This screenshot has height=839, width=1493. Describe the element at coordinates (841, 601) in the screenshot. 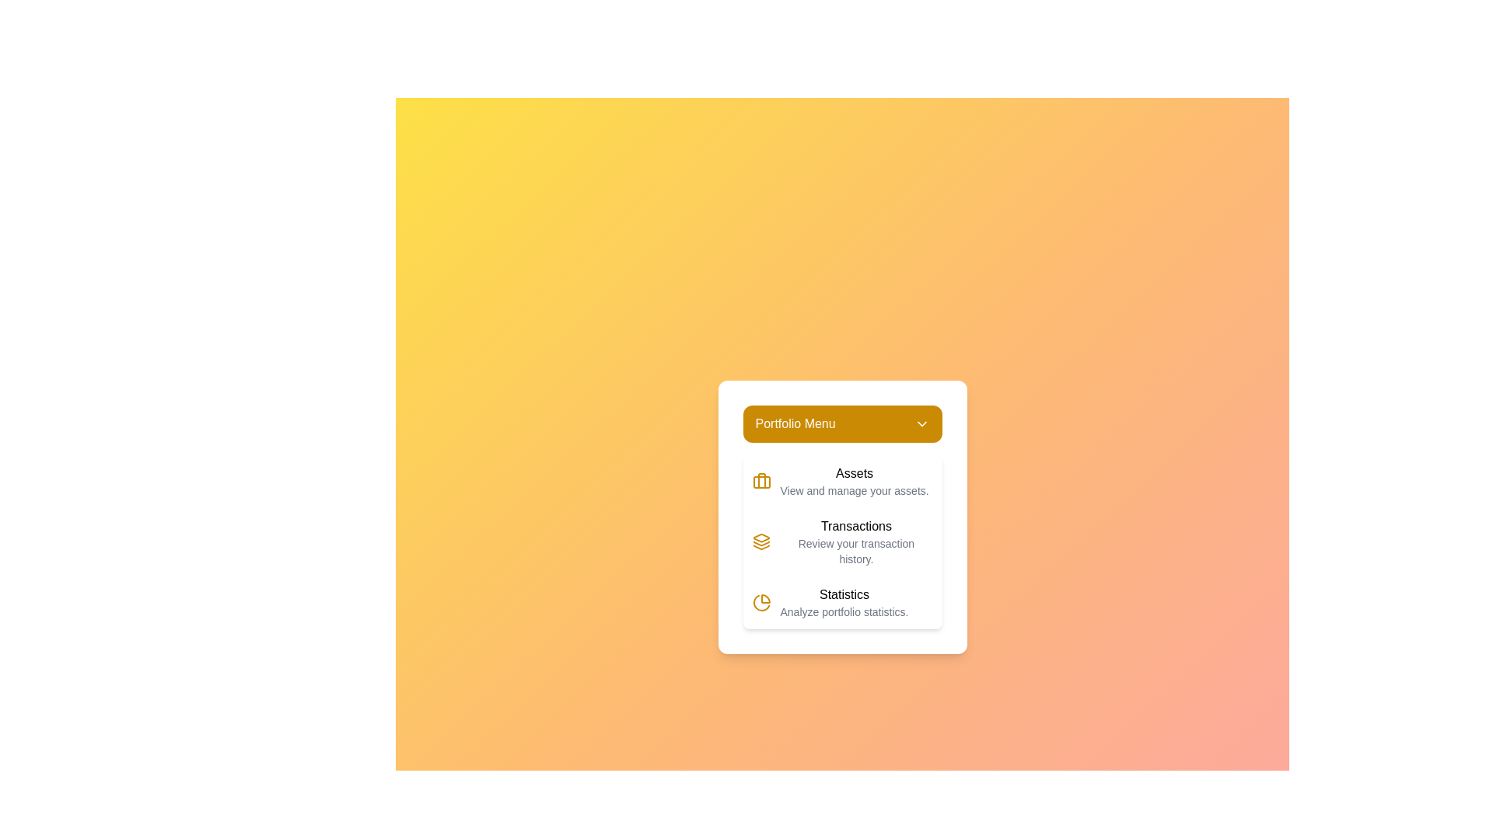

I see `the menu option Statistics from the PortfolioManagerMenu dropdown` at that location.